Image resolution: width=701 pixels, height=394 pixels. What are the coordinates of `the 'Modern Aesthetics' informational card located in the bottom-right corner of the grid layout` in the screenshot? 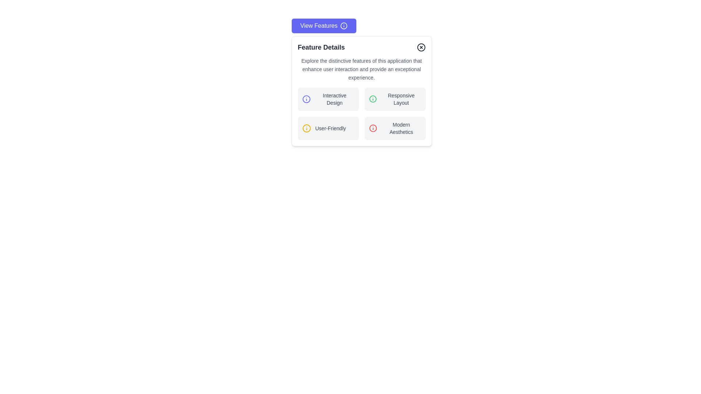 It's located at (394, 128).